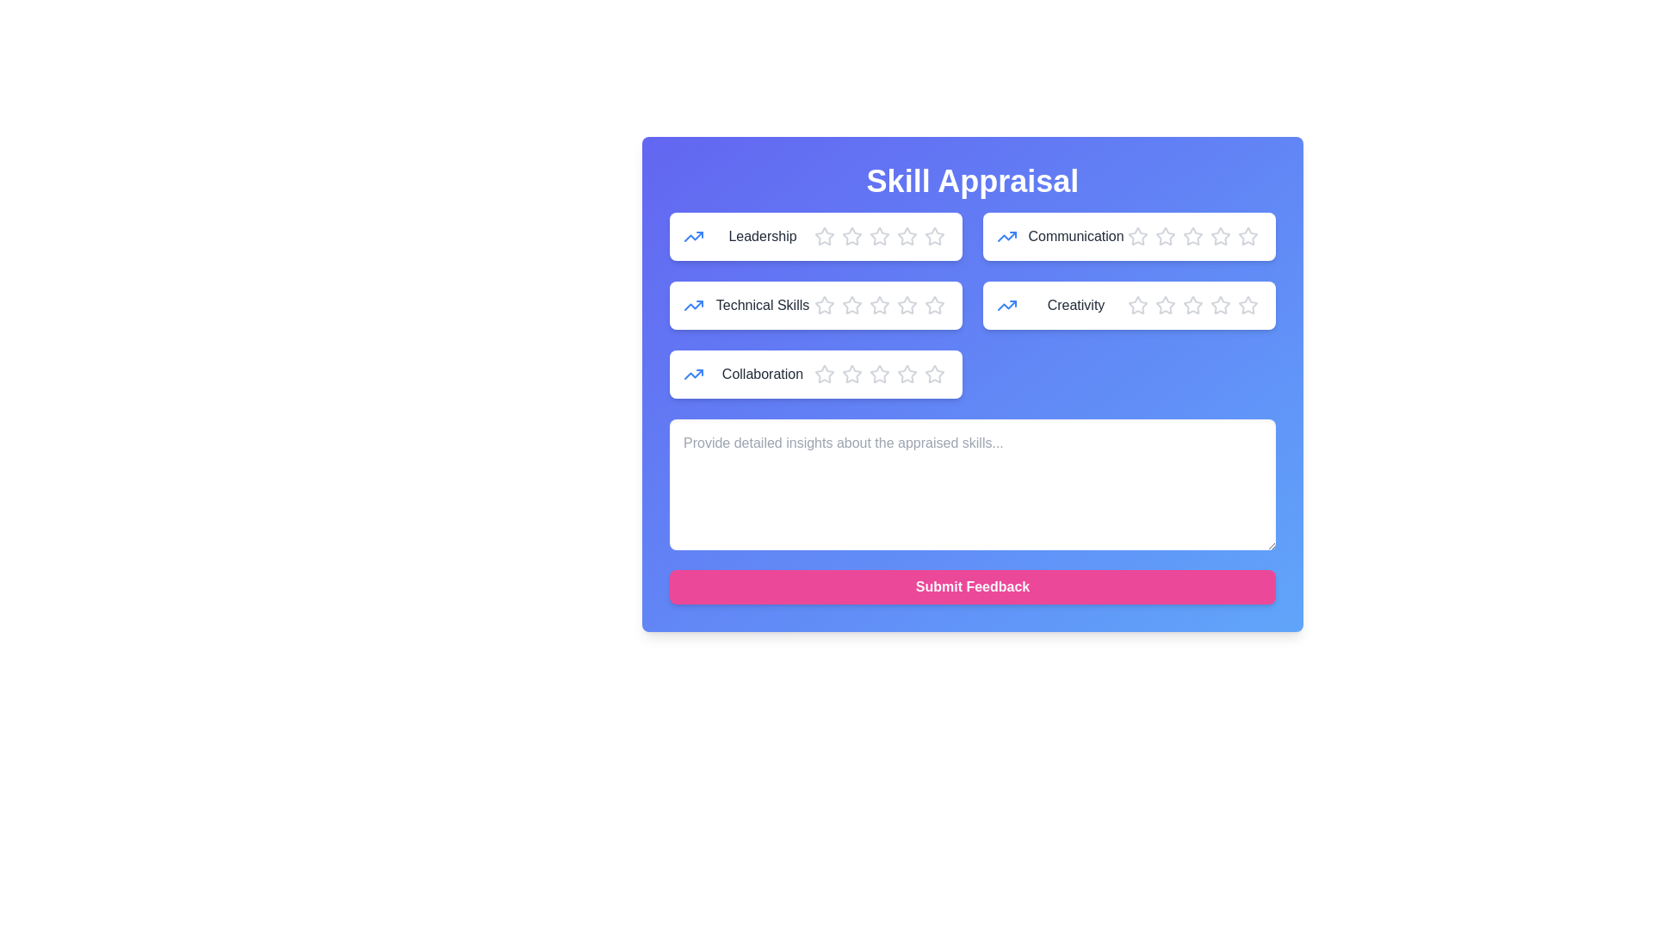  What do you see at coordinates (880, 236) in the screenshot?
I see `the star corresponding to 3 stars to preview the rating` at bounding box center [880, 236].